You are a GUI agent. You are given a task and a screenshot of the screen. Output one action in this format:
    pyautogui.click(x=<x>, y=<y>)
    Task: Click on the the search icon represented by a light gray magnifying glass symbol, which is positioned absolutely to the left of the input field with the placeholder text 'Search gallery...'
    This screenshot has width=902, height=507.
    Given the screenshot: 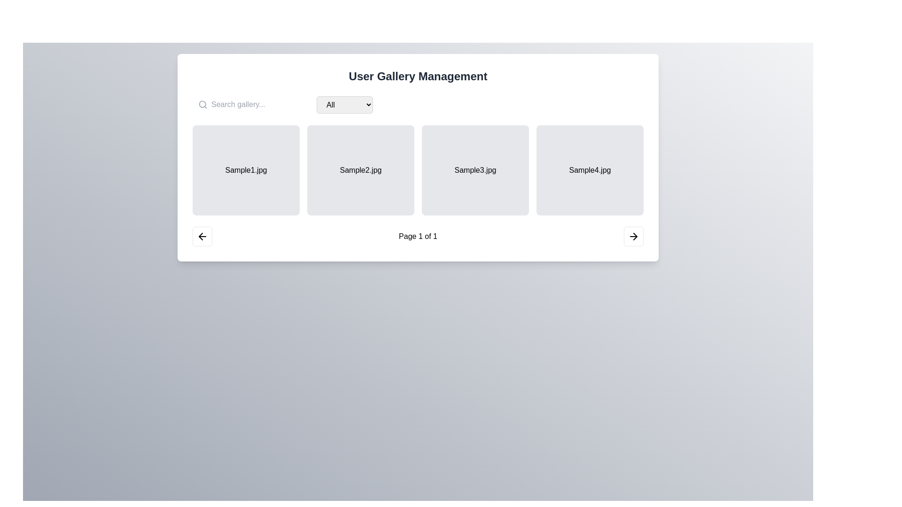 What is the action you would take?
    pyautogui.click(x=202, y=105)
    